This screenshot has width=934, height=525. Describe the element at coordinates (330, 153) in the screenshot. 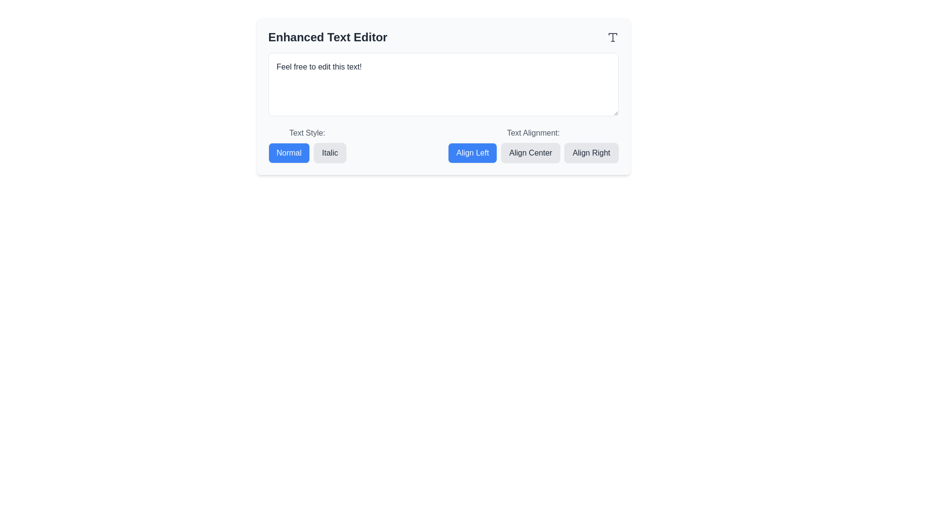

I see `the italic text style toggle button located to the right of the 'Normal' button in the 'Enhanced Text Editor' interface` at that location.